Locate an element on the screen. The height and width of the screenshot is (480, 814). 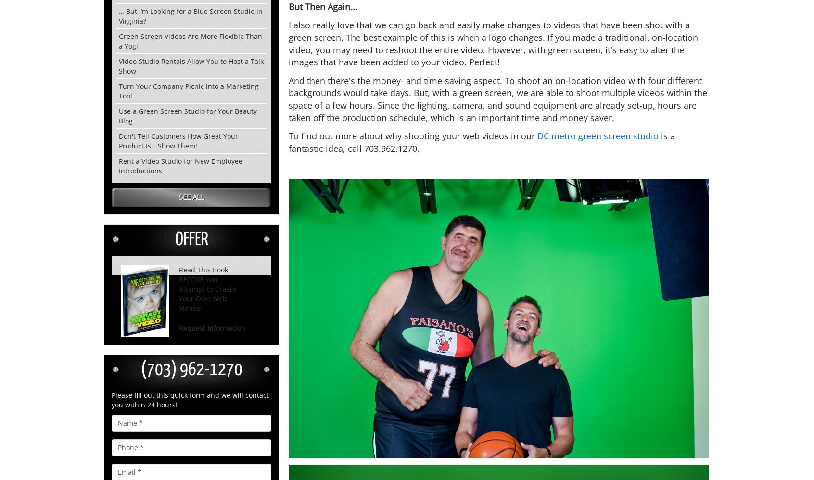
'Don't Tell Customers How Great Your Product Is—Show Them!' is located at coordinates (178, 140).